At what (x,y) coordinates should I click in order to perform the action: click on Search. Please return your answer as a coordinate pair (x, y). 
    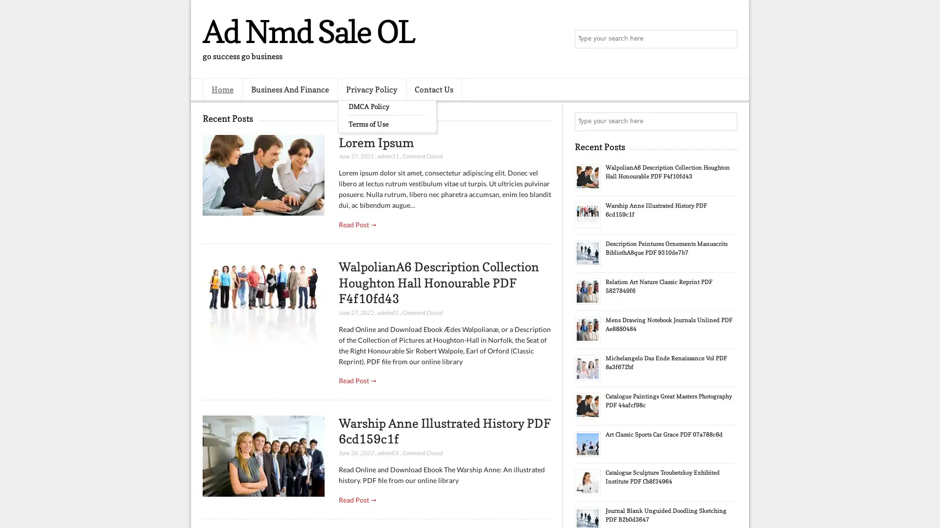
    Looking at the image, I should click on (727, 121).